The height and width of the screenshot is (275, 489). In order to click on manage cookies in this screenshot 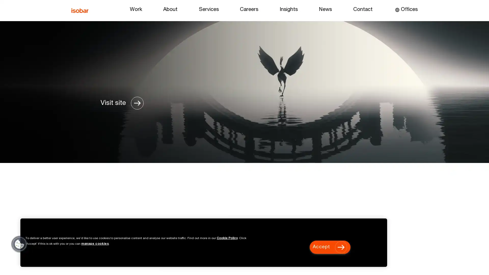, I will do `click(95, 244)`.